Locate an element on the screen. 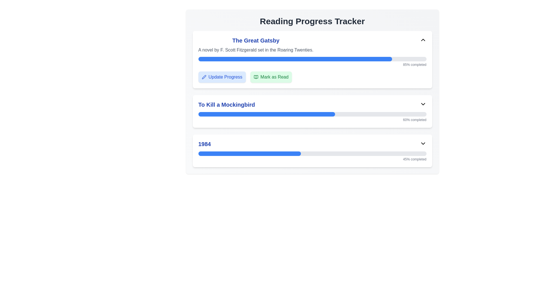 The height and width of the screenshot is (304, 542). the button located next to the 'Update Progress' button to mark the reading item 'The Great Gatsby' as read is located at coordinates (271, 77).